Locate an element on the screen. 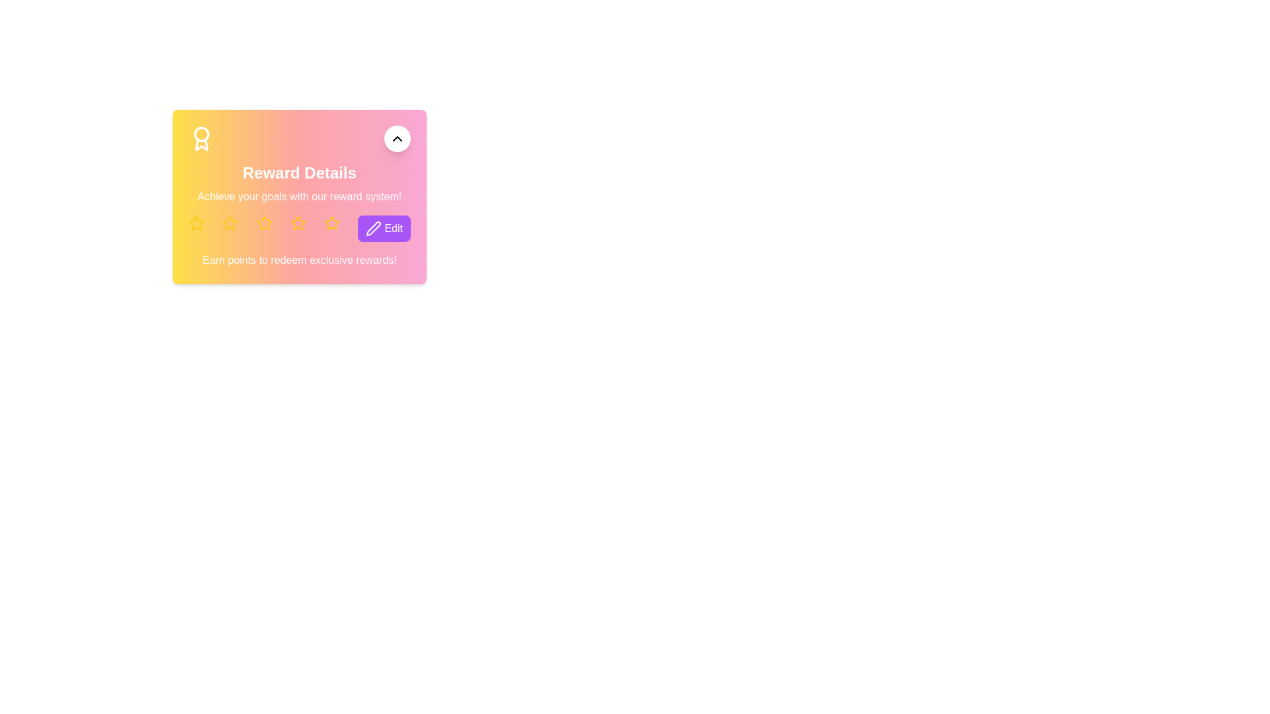 This screenshot has height=714, width=1270. the third yellow star icon in the row of five stars under the 'Reward Details' heading is located at coordinates (264, 222).